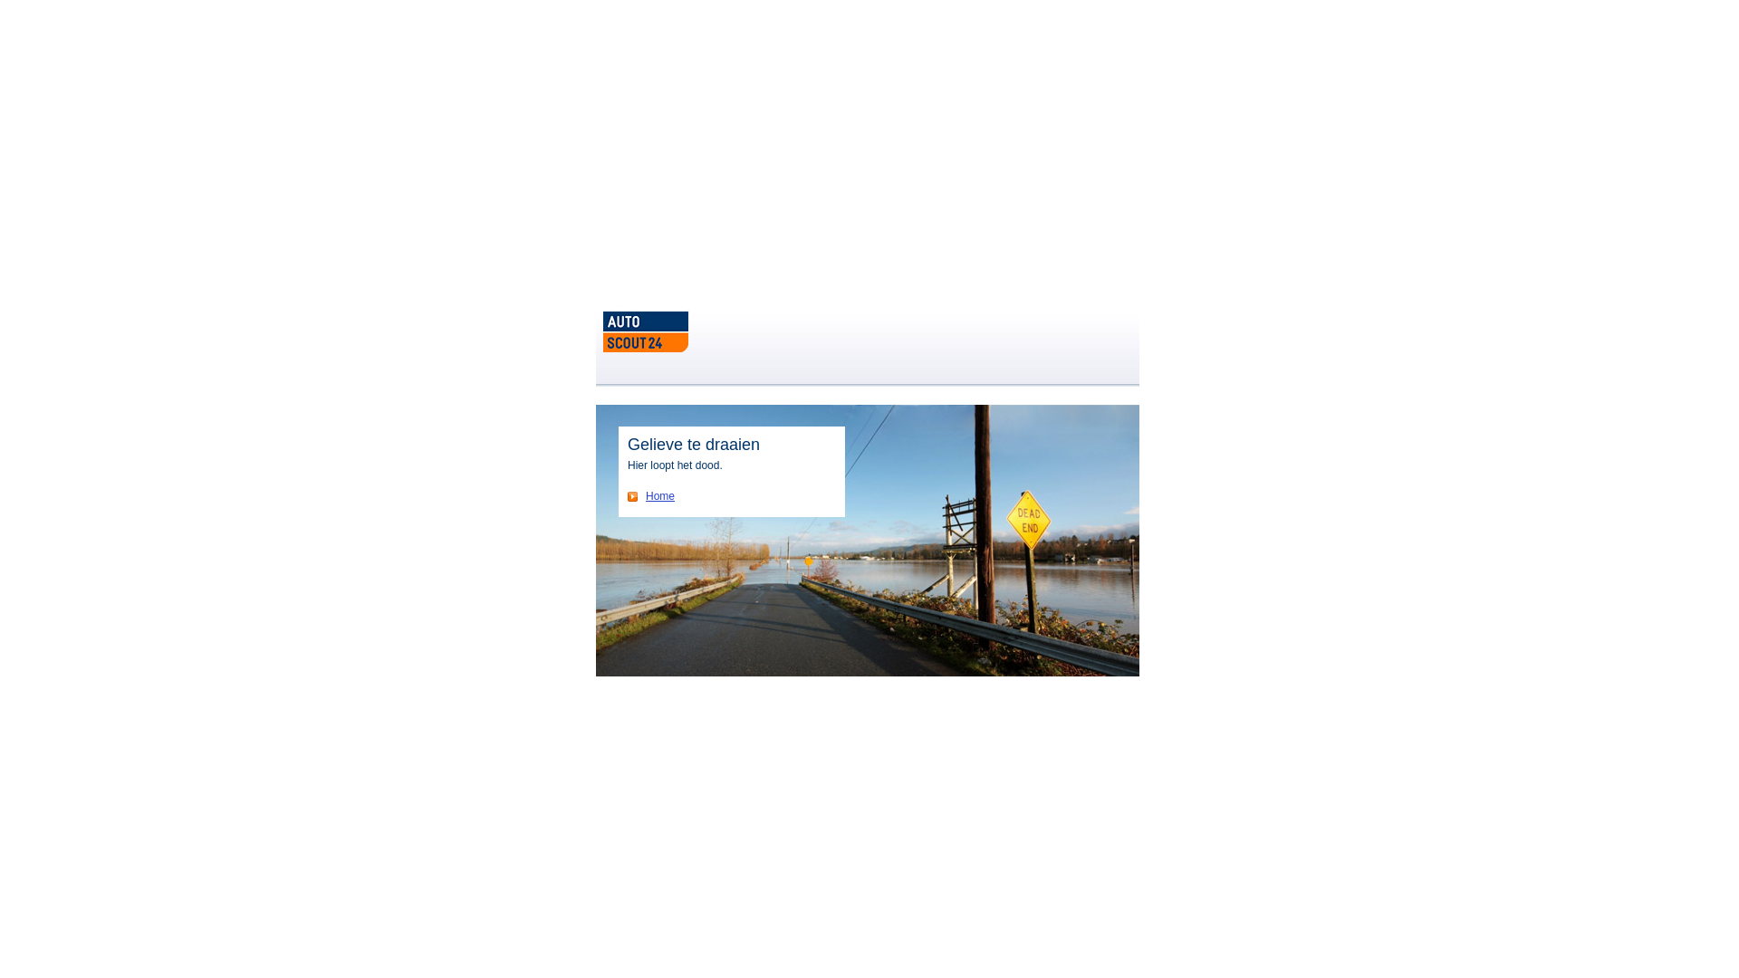 The width and height of the screenshot is (1739, 978). I want to click on 'Home', so click(651, 495).